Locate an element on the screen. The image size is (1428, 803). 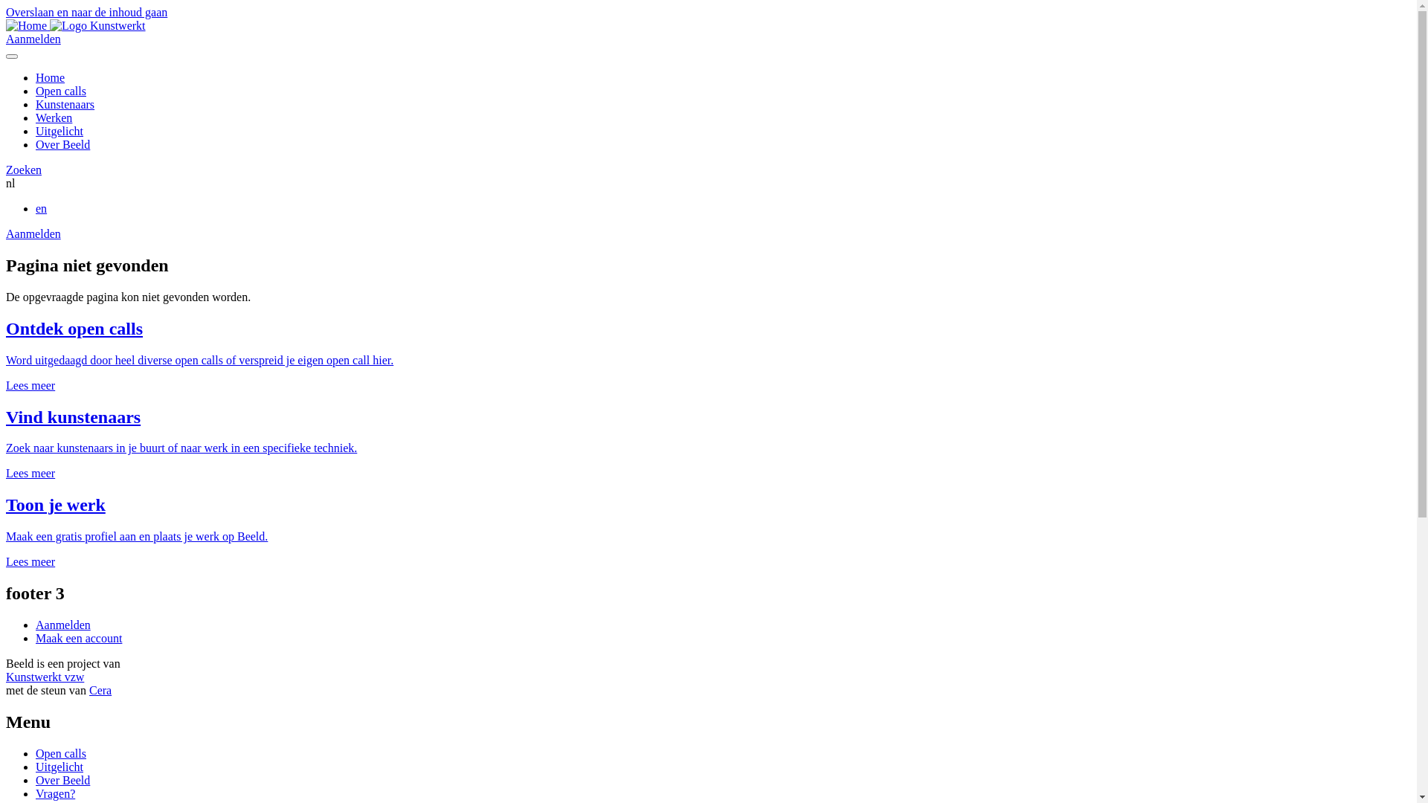
'Over Beeld' is located at coordinates (62, 144).